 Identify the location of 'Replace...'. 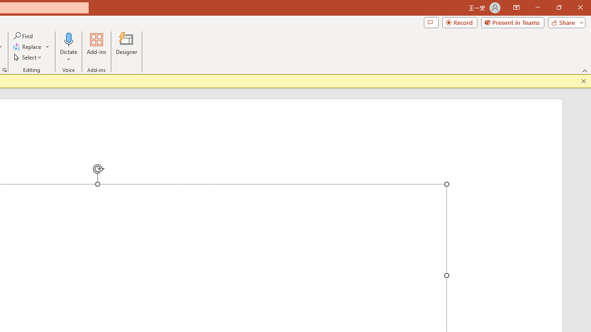
(28, 47).